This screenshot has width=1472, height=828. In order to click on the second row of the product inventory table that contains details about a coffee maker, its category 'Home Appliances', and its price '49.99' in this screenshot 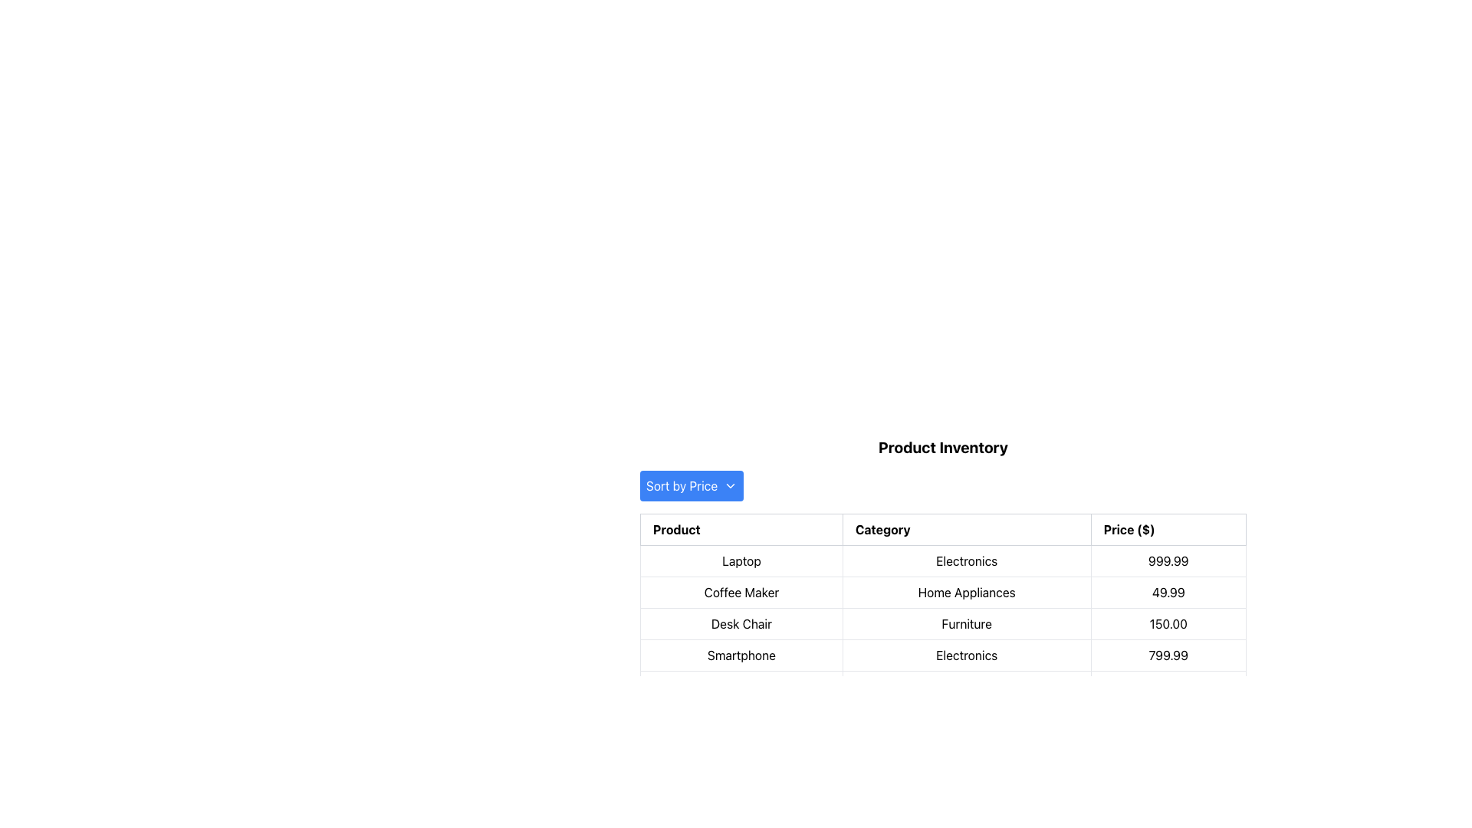, I will do `click(942, 591)`.